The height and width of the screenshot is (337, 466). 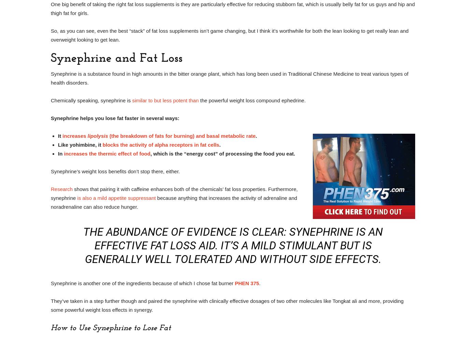 I want to click on 'Synephrine and Fat Loss', so click(x=50, y=58).